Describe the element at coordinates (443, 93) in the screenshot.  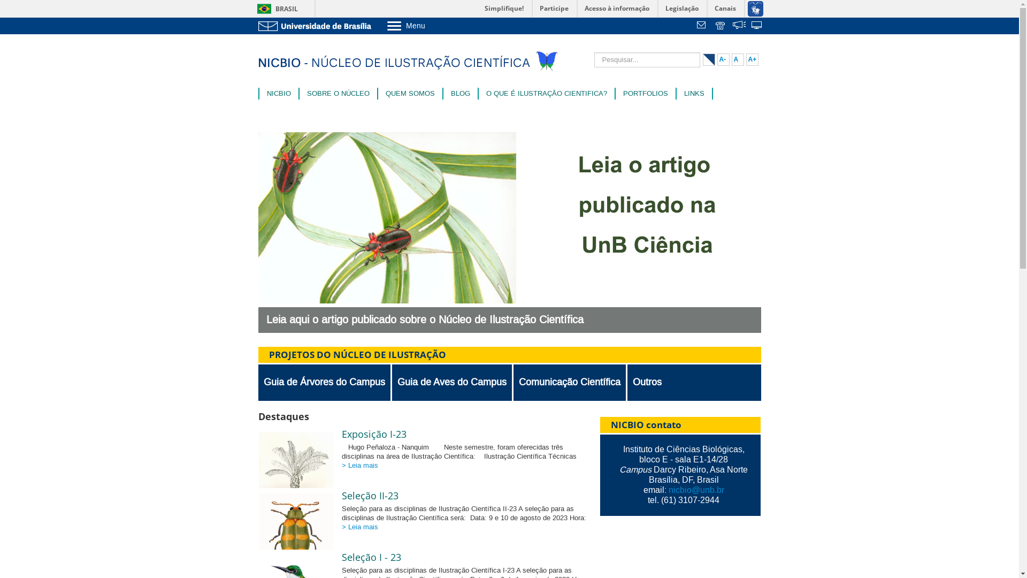
I see `'BLOG'` at that location.